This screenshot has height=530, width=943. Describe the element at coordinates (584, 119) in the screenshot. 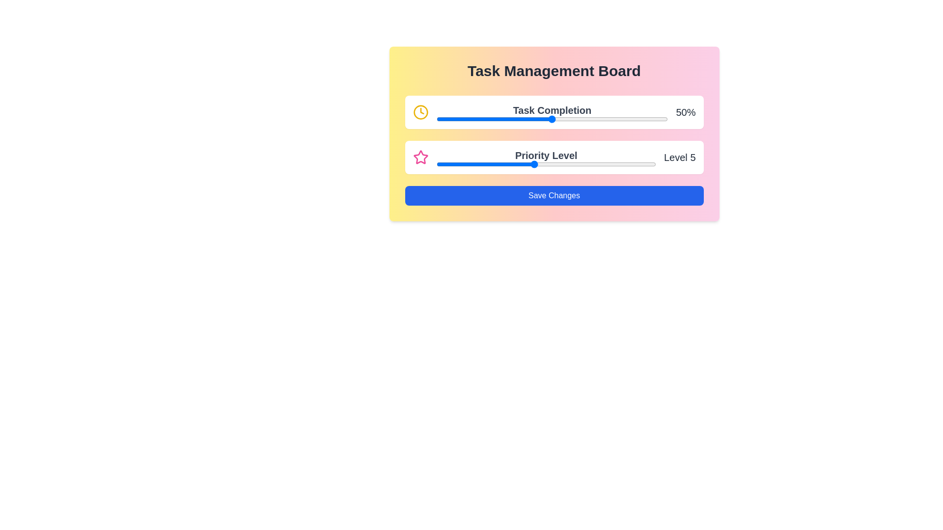

I see `the task completion slider` at that location.